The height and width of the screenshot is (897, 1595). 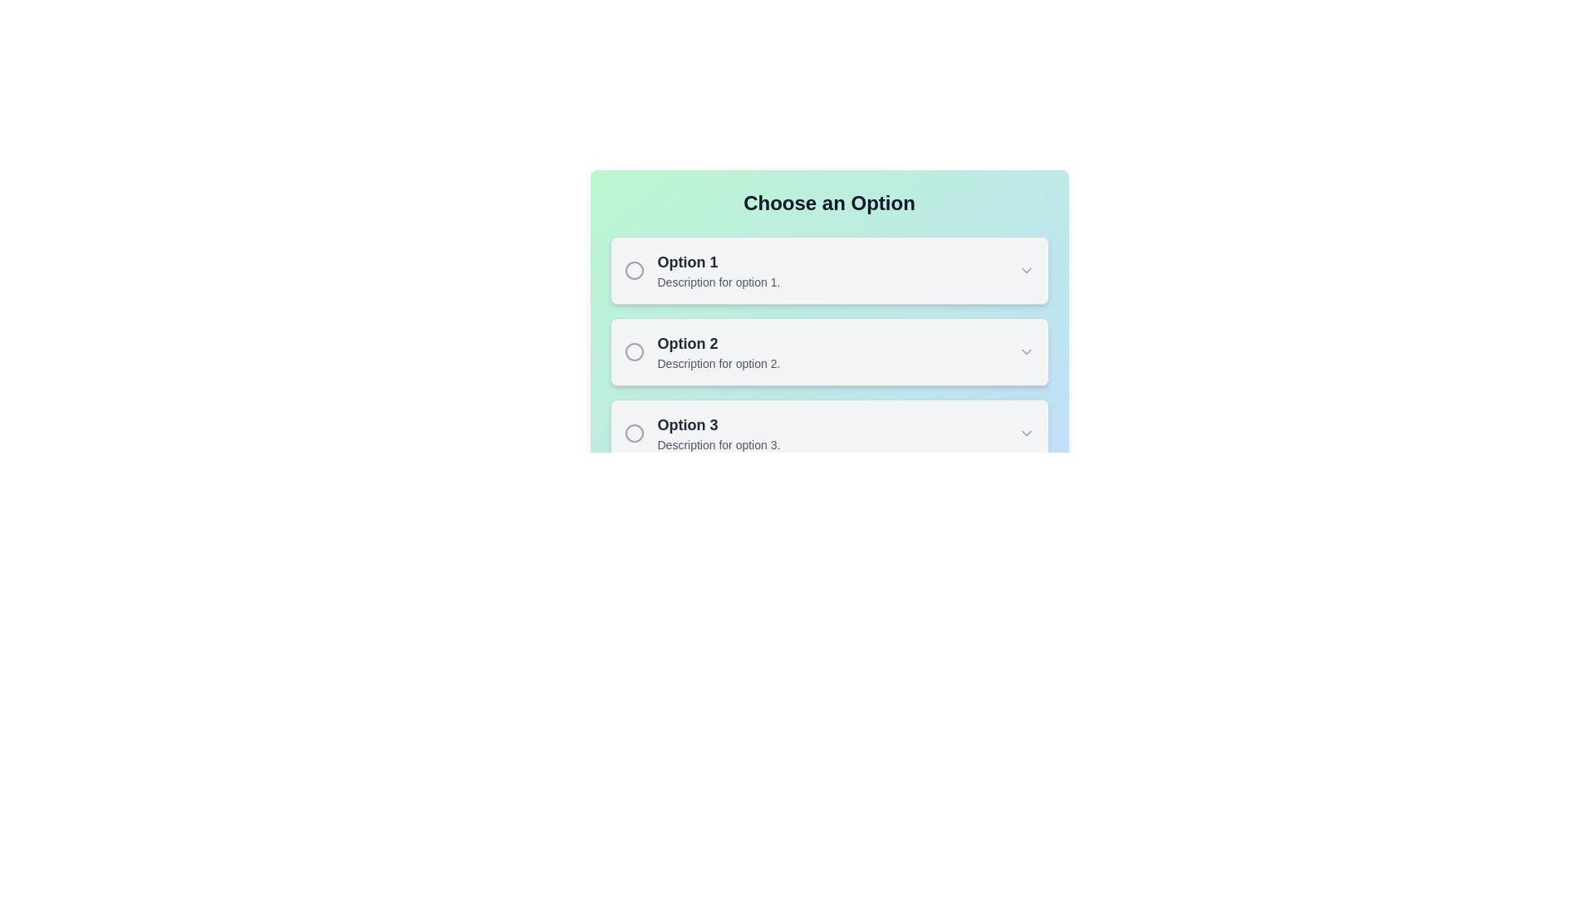 What do you see at coordinates (1025, 351) in the screenshot?
I see `the downward-pointing gray arrow icon at the far-right end of the 'Option 2' entry` at bounding box center [1025, 351].